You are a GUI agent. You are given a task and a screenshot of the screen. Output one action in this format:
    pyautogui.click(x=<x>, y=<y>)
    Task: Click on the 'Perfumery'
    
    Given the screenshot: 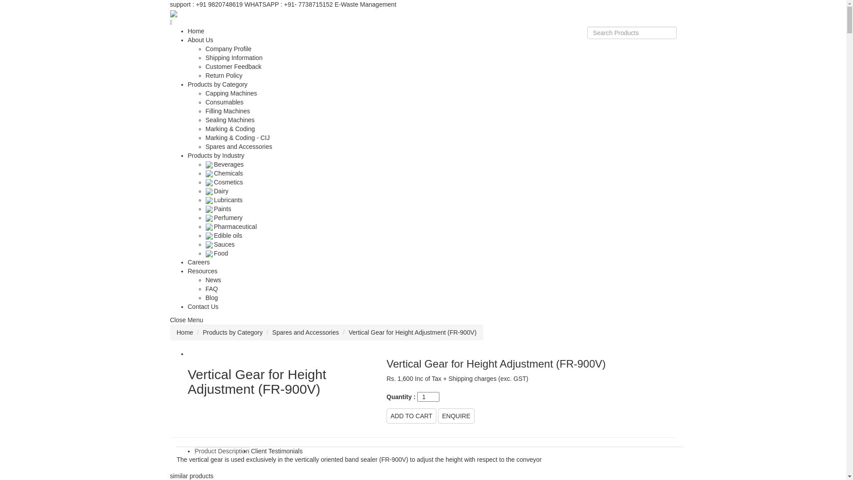 What is the action you would take?
    pyautogui.click(x=224, y=217)
    